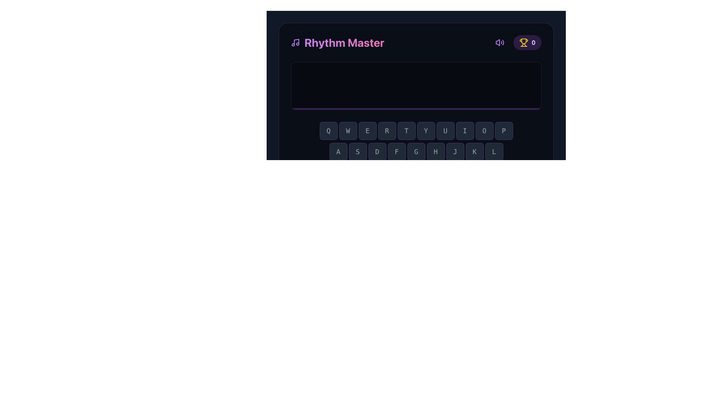 This screenshot has height=404, width=719. What do you see at coordinates (357, 151) in the screenshot?
I see `the second button from the left in the keyboard-style layout, which inputs the letter 'S'` at bounding box center [357, 151].